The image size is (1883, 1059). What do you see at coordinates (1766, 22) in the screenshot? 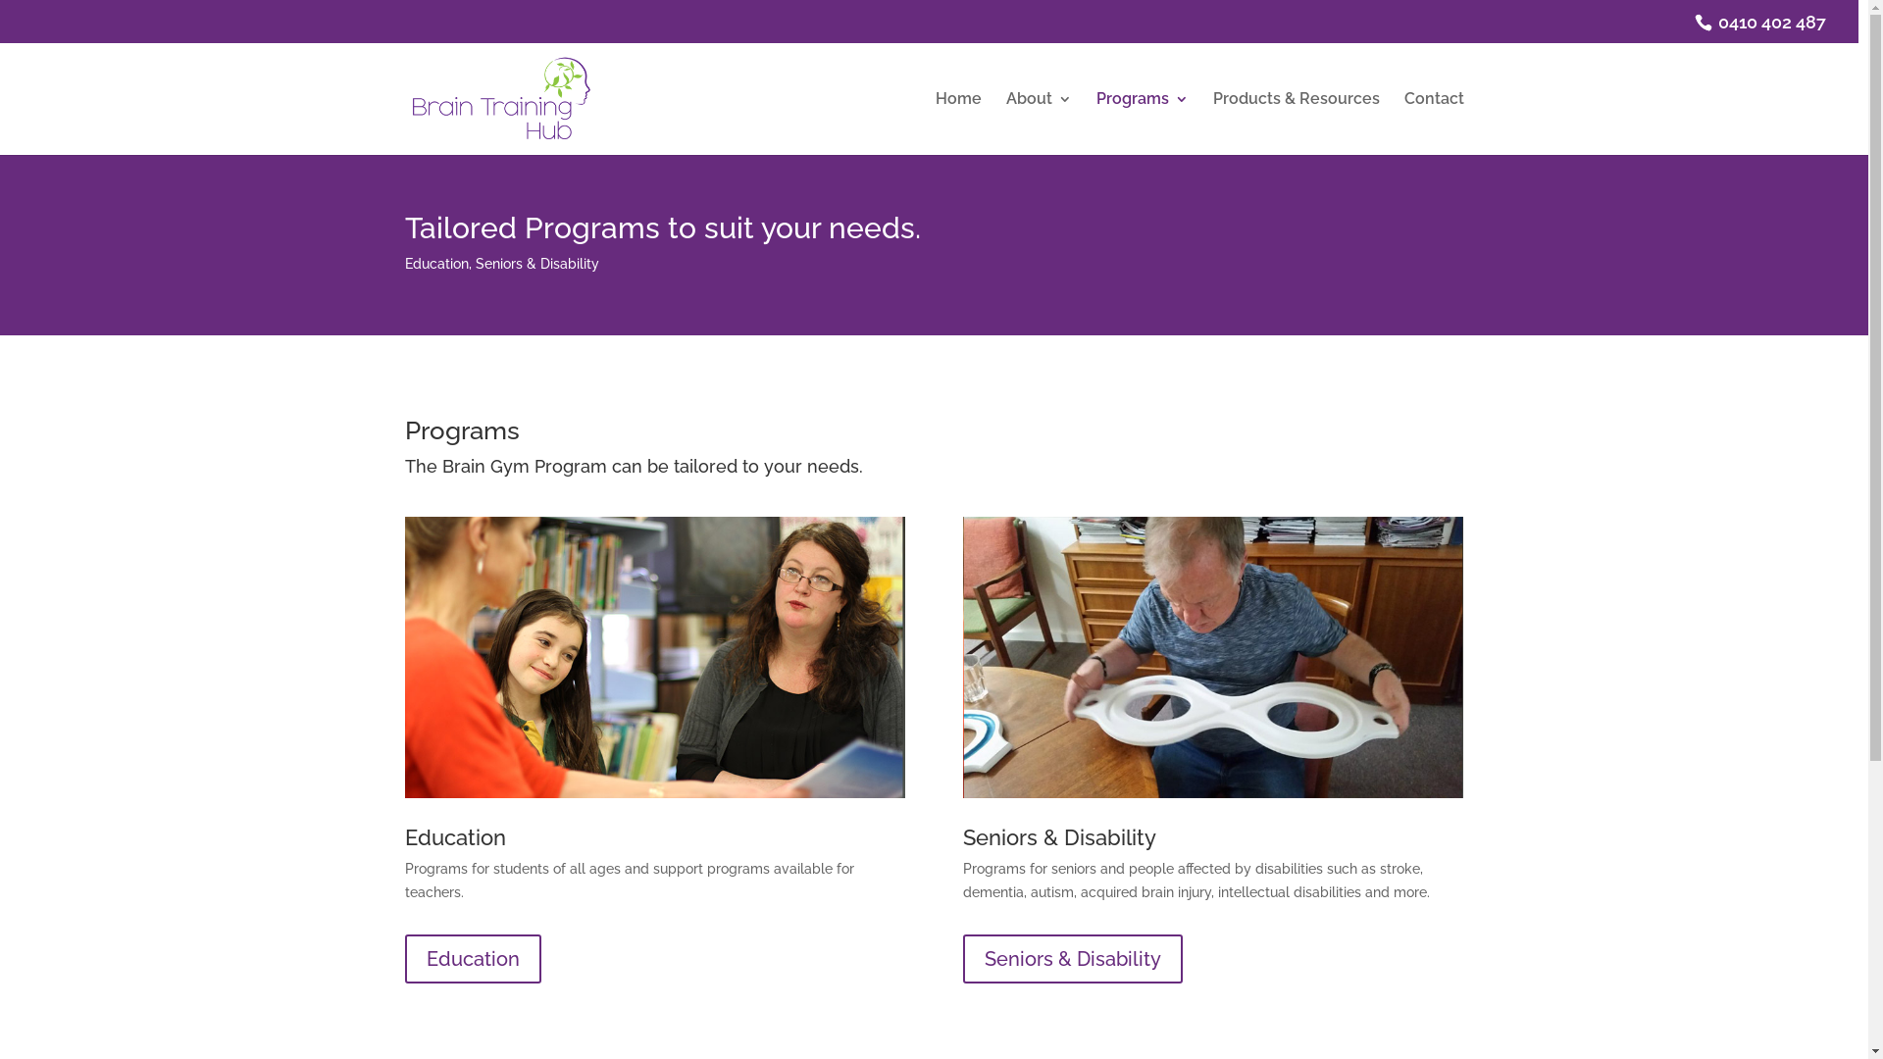
I see `'0410 402 487'` at bounding box center [1766, 22].